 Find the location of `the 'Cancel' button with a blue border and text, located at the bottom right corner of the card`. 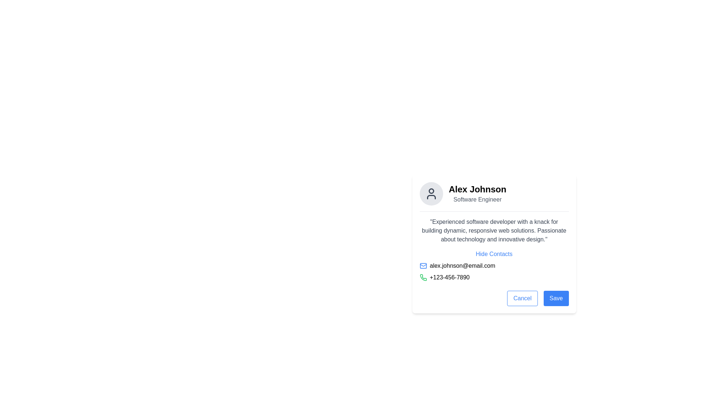

the 'Cancel' button with a blue border and text, located at the bottom right corner of the card is located at coordinates (522, 298).